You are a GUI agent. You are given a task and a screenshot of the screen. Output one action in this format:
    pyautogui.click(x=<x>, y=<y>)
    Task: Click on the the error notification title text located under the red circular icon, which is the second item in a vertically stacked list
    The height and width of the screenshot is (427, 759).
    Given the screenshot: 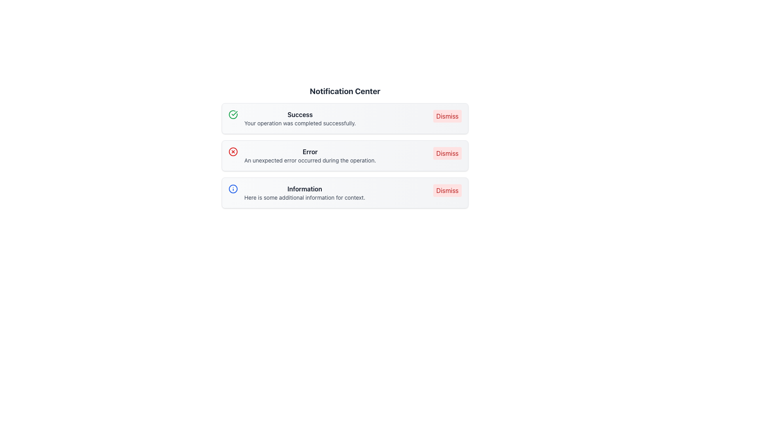 What is the action you would take?
    pyautogui.click(x=310, y=152)
    